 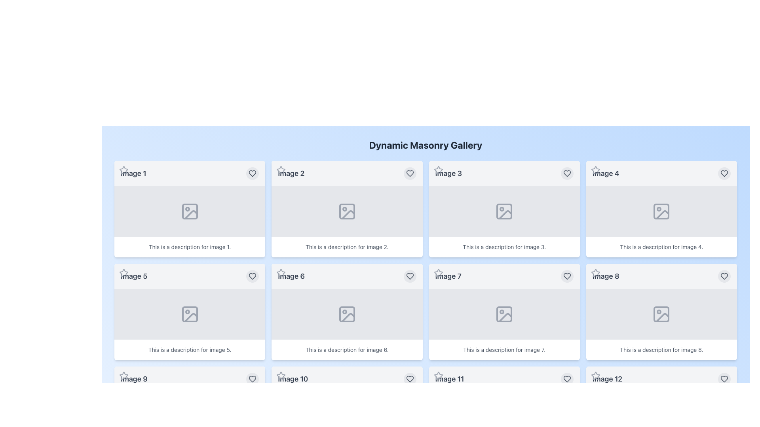 I want to click on the star icon located at the top-left corner of the 'Image 10' card, so click(x=281, y=376).